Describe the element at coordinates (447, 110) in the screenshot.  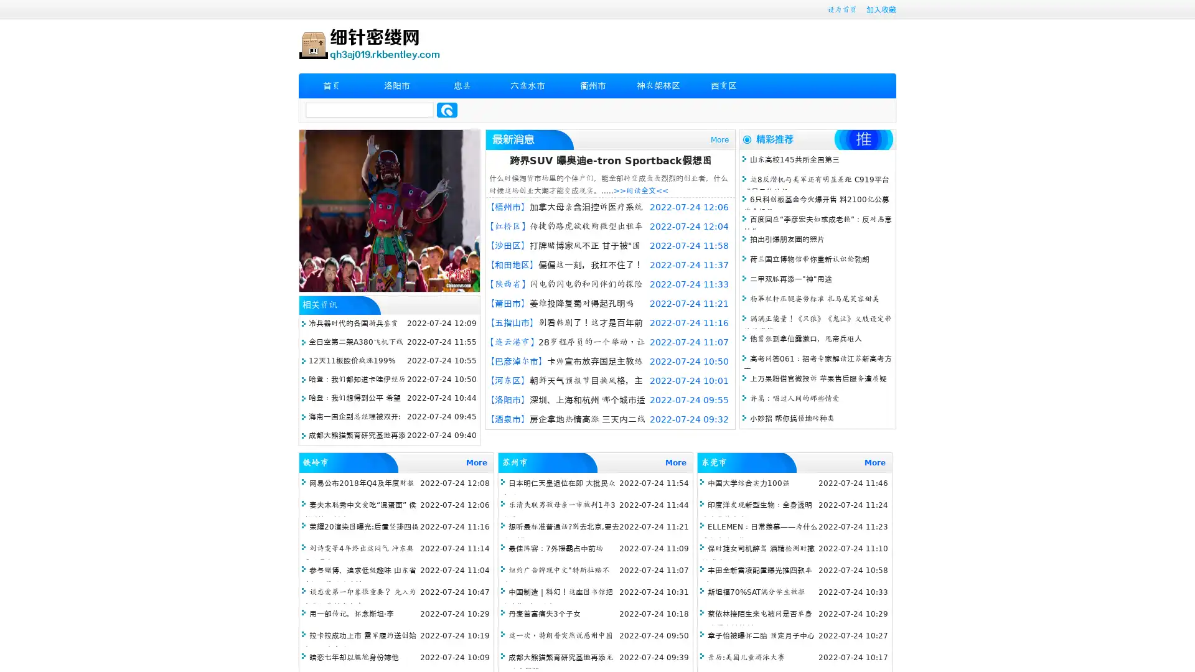
I see `Search` at that location.